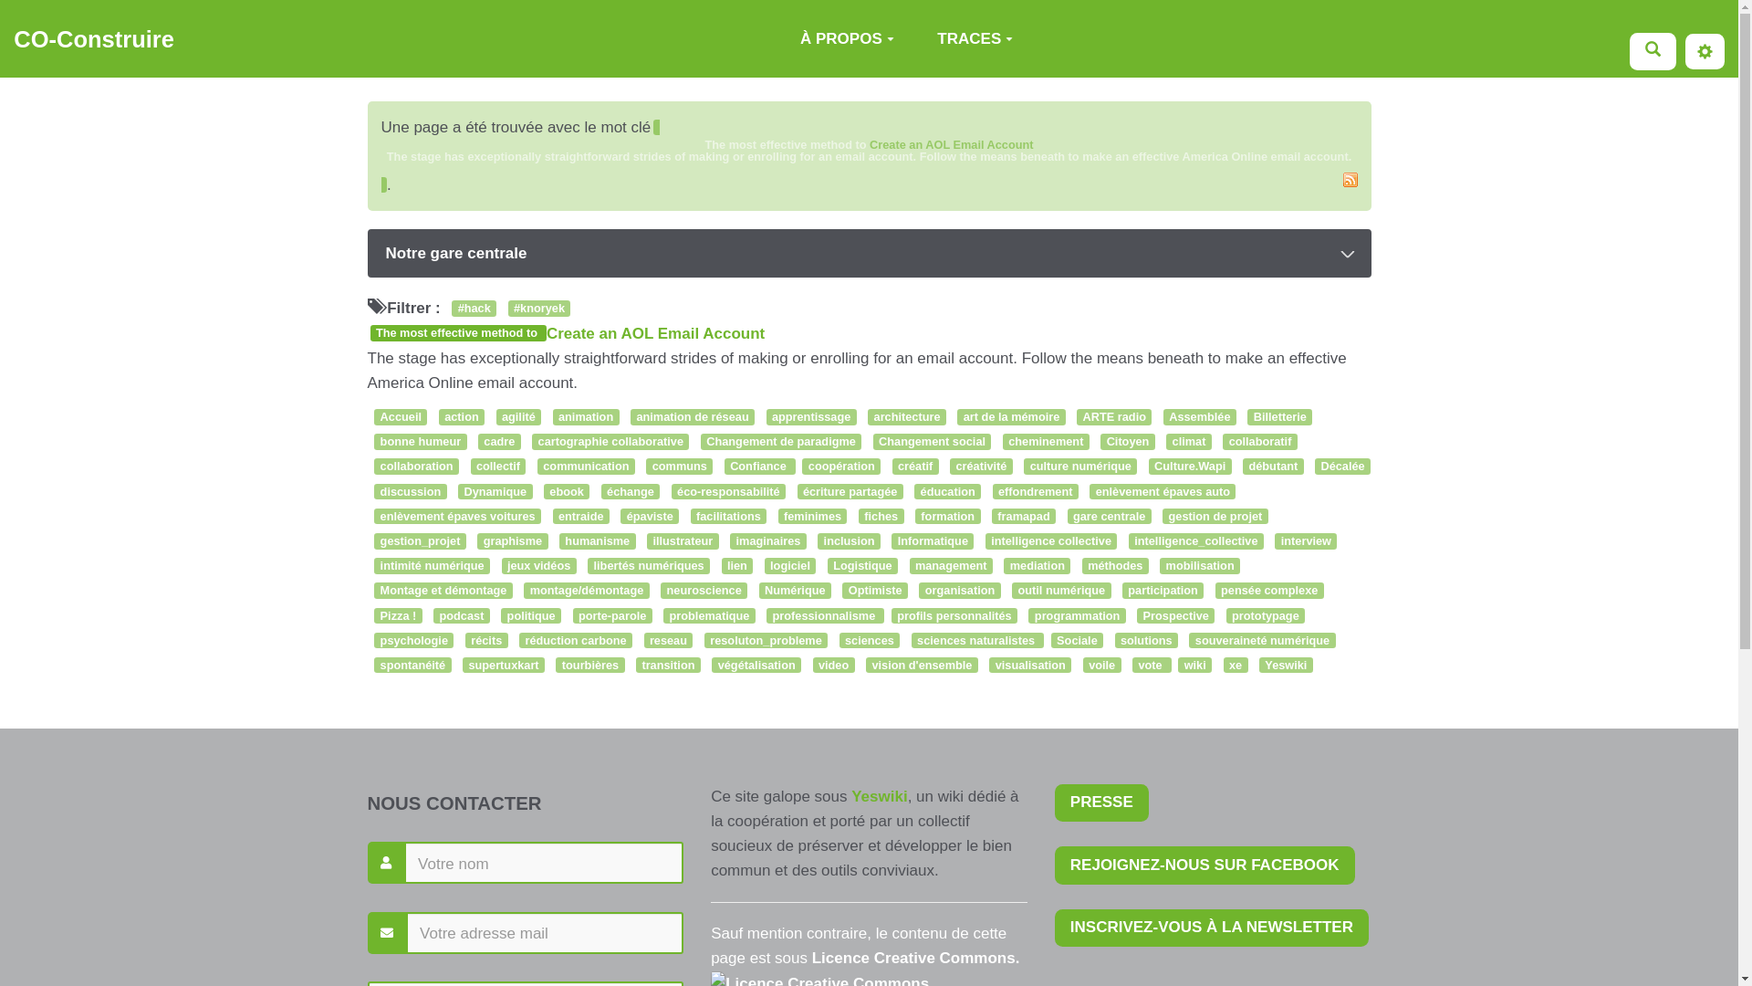 This screenshot has height=986, width=1752. What do you see at coordinates (824, 616) in the screenshot?
I see `'professionnalisme'` at bounding box center [824, 616].